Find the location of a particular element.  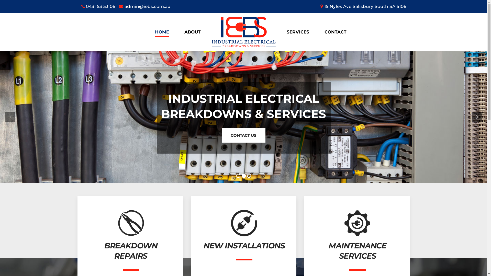

'SERVICES' is located at coordinates (297, 32).